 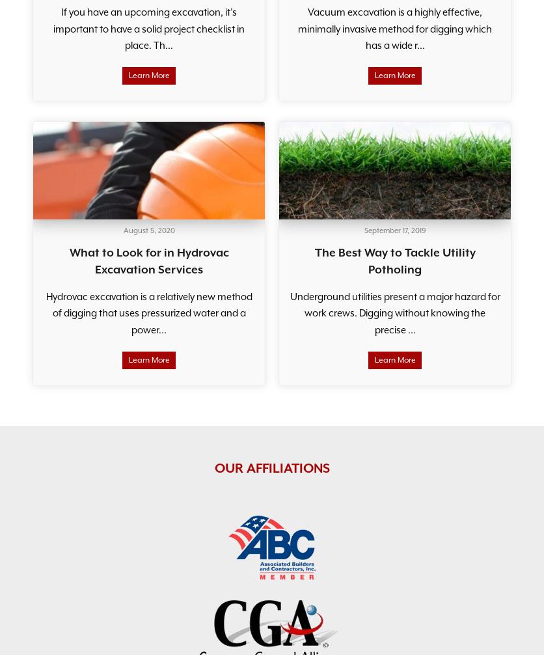 What do you see at coordinates (394, 230) in the screenshot?
I see `'September 17, 2019'` at bounding box center [394, 230].